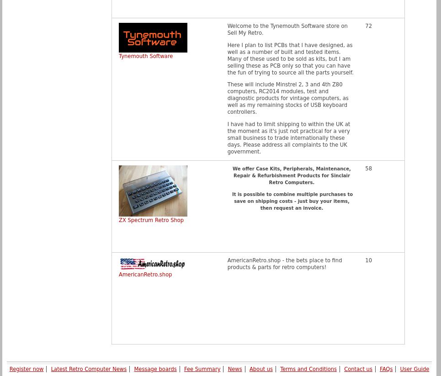 This screenshot has width=441, height=376. I want to click on 'We offer Case Kits, Peripherals, Maintenance, Repair & Refurbishment Products for Sinclair Retro Computers.', so click(291, 175).